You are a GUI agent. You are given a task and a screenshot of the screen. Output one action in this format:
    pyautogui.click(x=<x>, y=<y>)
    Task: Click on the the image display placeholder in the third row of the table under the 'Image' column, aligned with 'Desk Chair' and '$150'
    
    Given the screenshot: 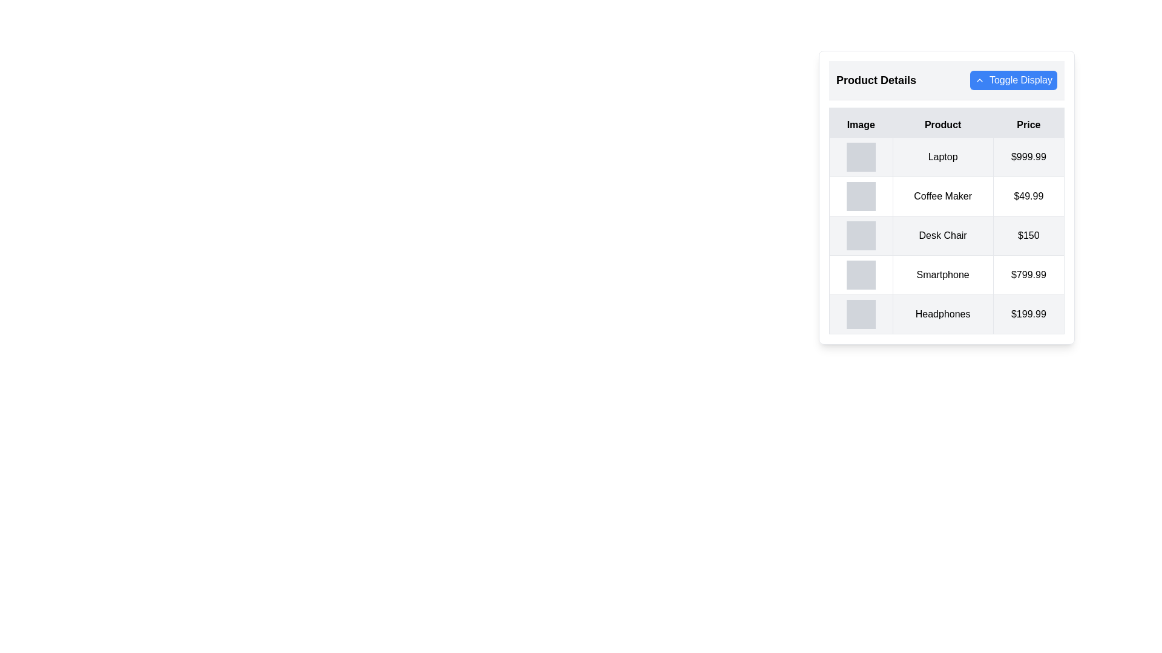 What is the action you would take?
    pyautogui.click(x=860, y=235)
    